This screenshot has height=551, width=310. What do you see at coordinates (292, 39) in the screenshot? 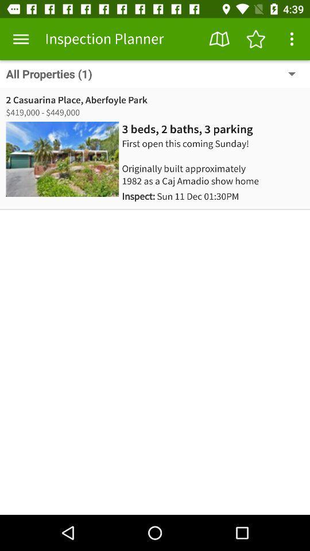
I see `setting options` at bounding box center [292, 39].